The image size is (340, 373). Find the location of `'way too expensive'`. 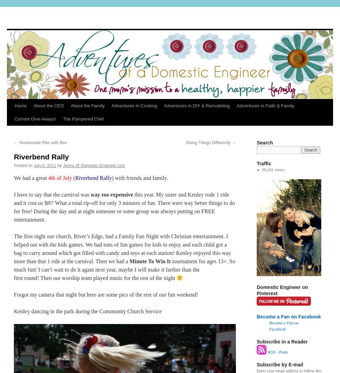

'way too expensive' is located at coordinates (112, 194).